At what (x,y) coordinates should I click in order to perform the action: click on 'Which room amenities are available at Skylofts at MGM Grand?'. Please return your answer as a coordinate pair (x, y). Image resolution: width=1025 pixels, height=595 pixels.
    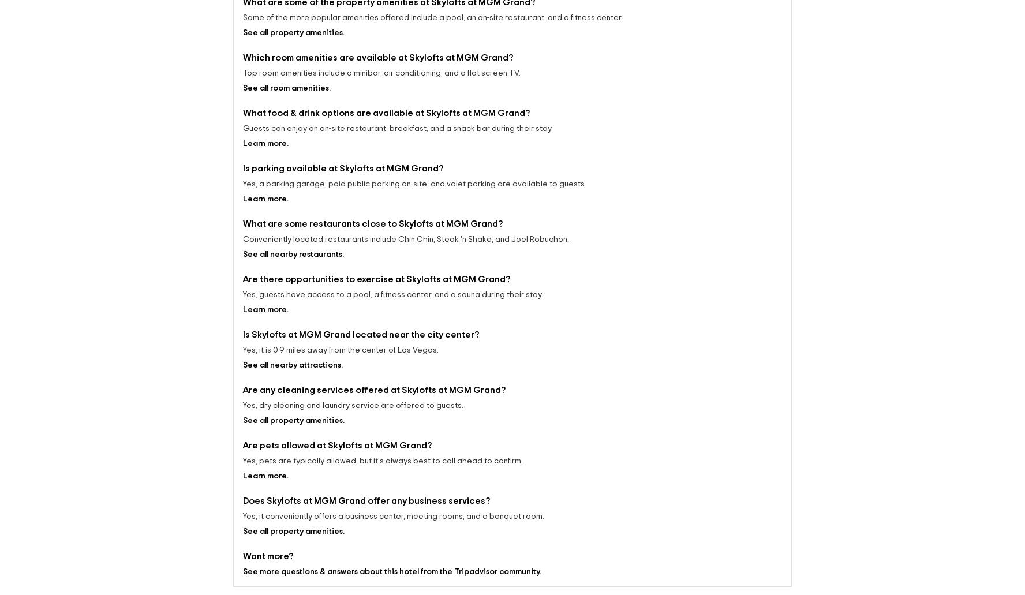
    Looking at the image, I should click on (377, 47).